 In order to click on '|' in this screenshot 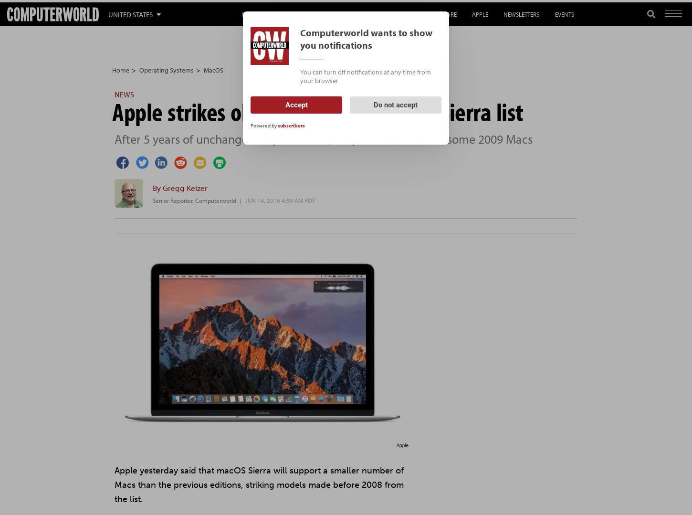, I will do `click(240, 200)`.